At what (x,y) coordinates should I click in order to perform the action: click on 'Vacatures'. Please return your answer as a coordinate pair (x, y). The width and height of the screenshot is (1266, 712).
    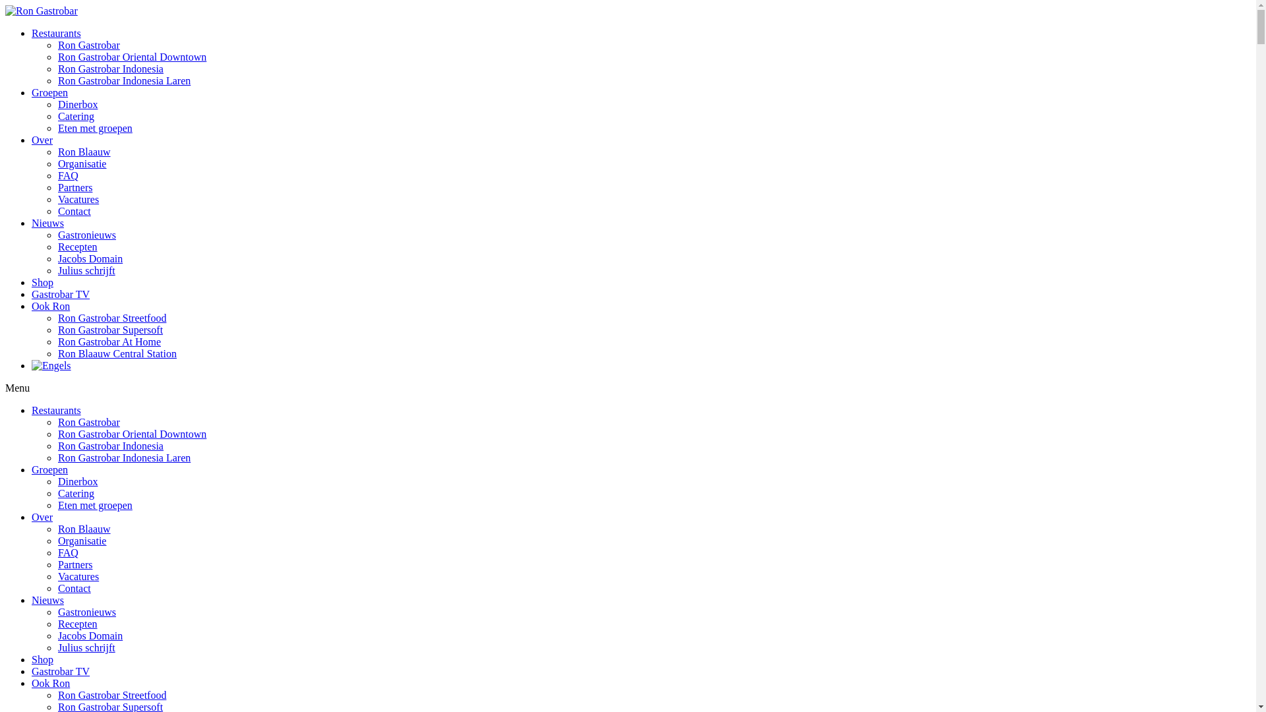
    Looking at the image, I should click on (78, 576).